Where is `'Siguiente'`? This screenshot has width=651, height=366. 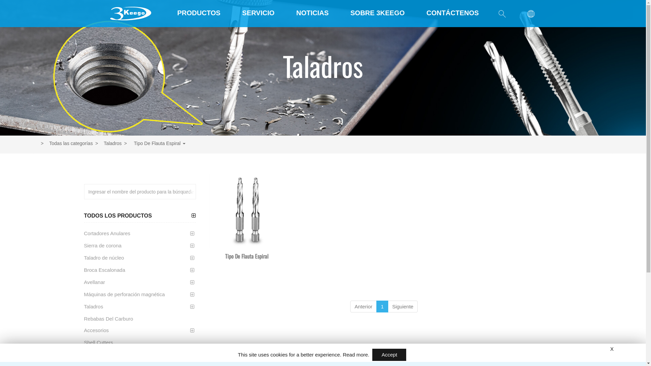
'Siguiente' is located at coordinates (403, 306).